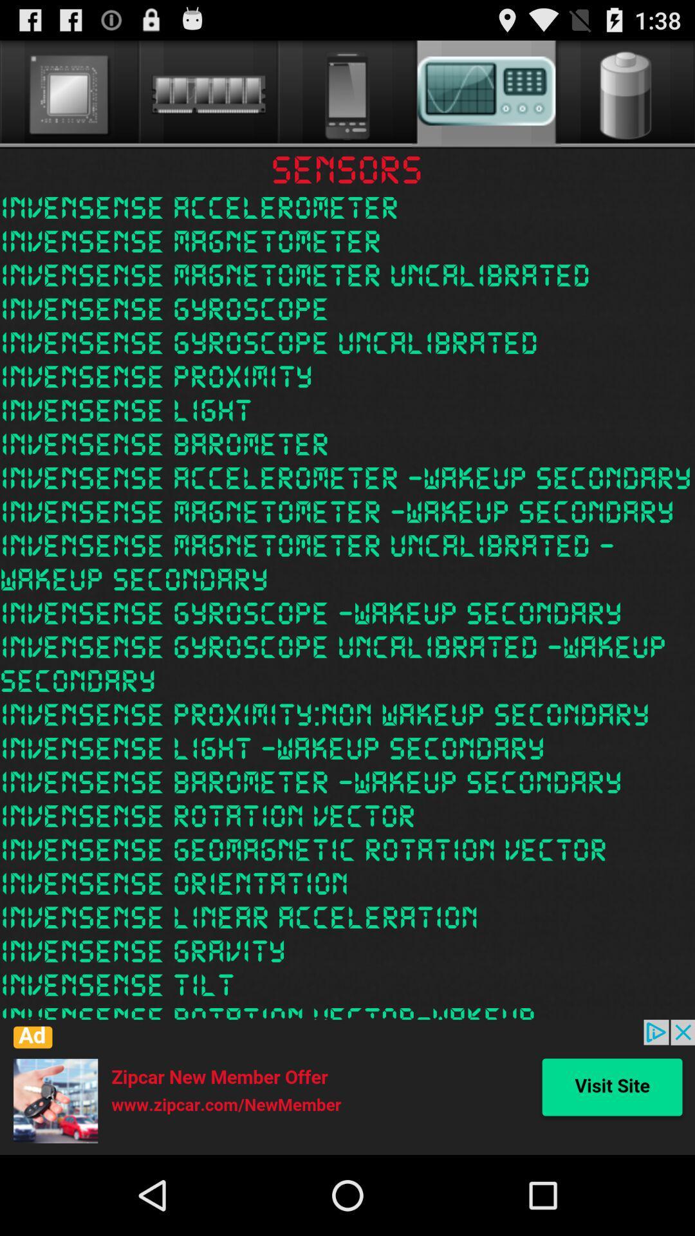  What do you see at coordinates (347, 1087) in the screenshot?
I see `advertise a website` at bounding box center [347, 1087].